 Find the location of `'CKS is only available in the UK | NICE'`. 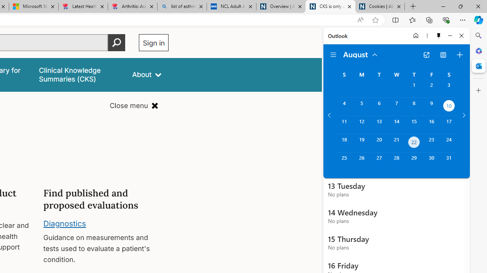

'CKS is only available in the UK | NICE' is located at coordinates (330, 6).